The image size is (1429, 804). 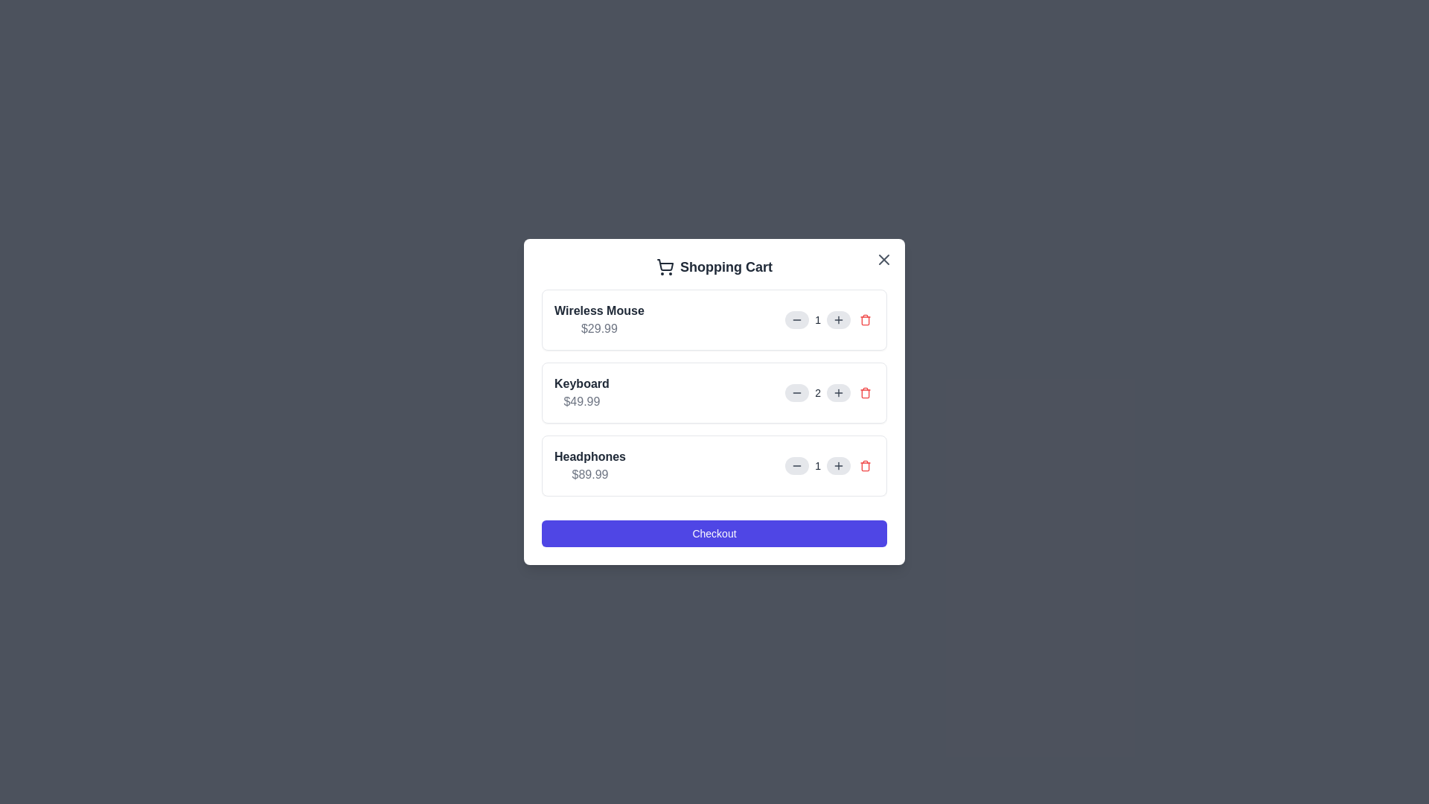 I want to click on the close button located at the top-right corner of the 'Shopping Cart' dialog, so click(x=884, y=258).